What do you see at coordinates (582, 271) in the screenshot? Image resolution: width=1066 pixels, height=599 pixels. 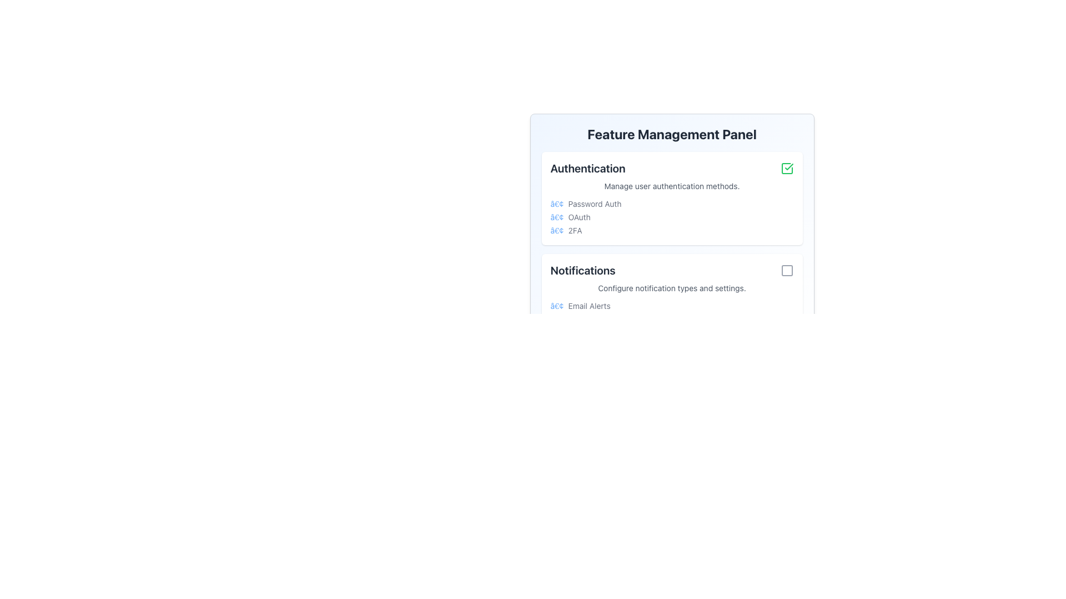 I see `the 'Notifications' section header text label, indicating the related content for notifications features` at bounding box center [582, 271].